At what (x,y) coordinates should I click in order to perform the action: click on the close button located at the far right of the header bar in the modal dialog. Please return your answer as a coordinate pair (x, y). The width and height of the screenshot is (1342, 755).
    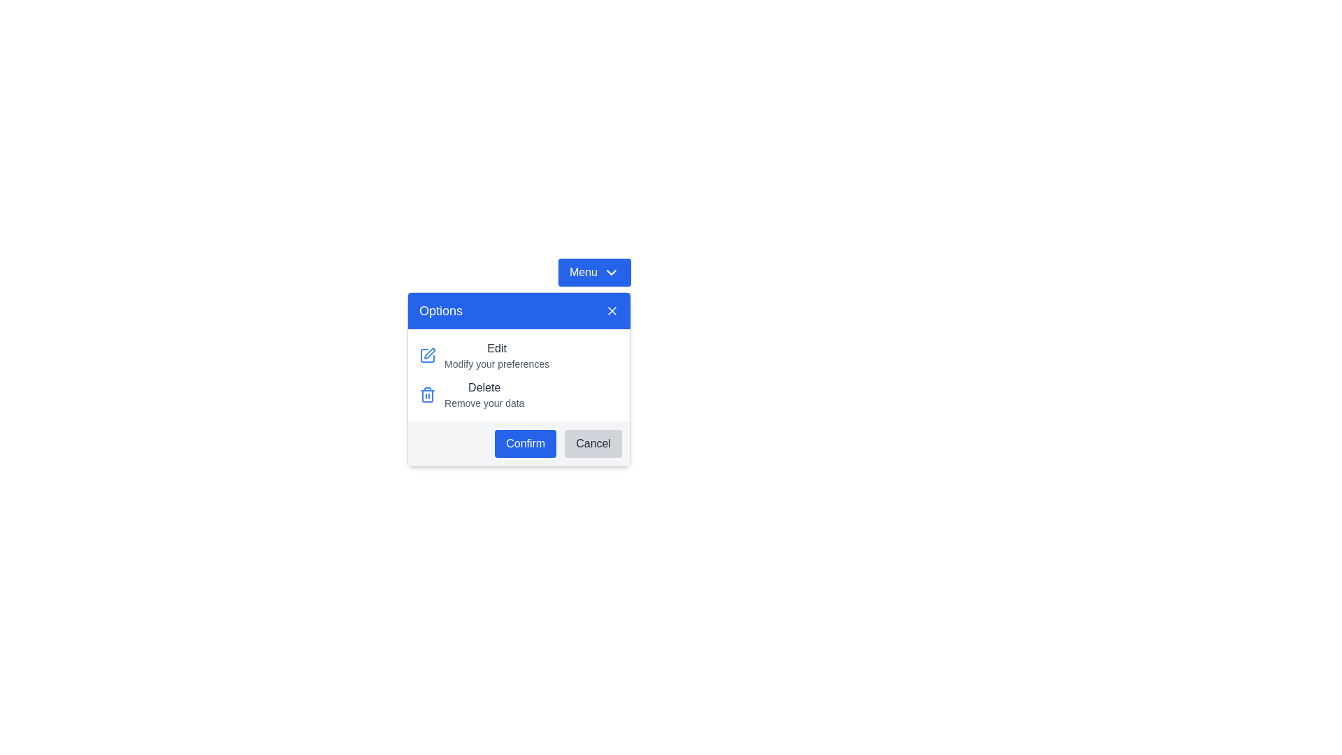
    Looking at the image, I should click on (612, 310).